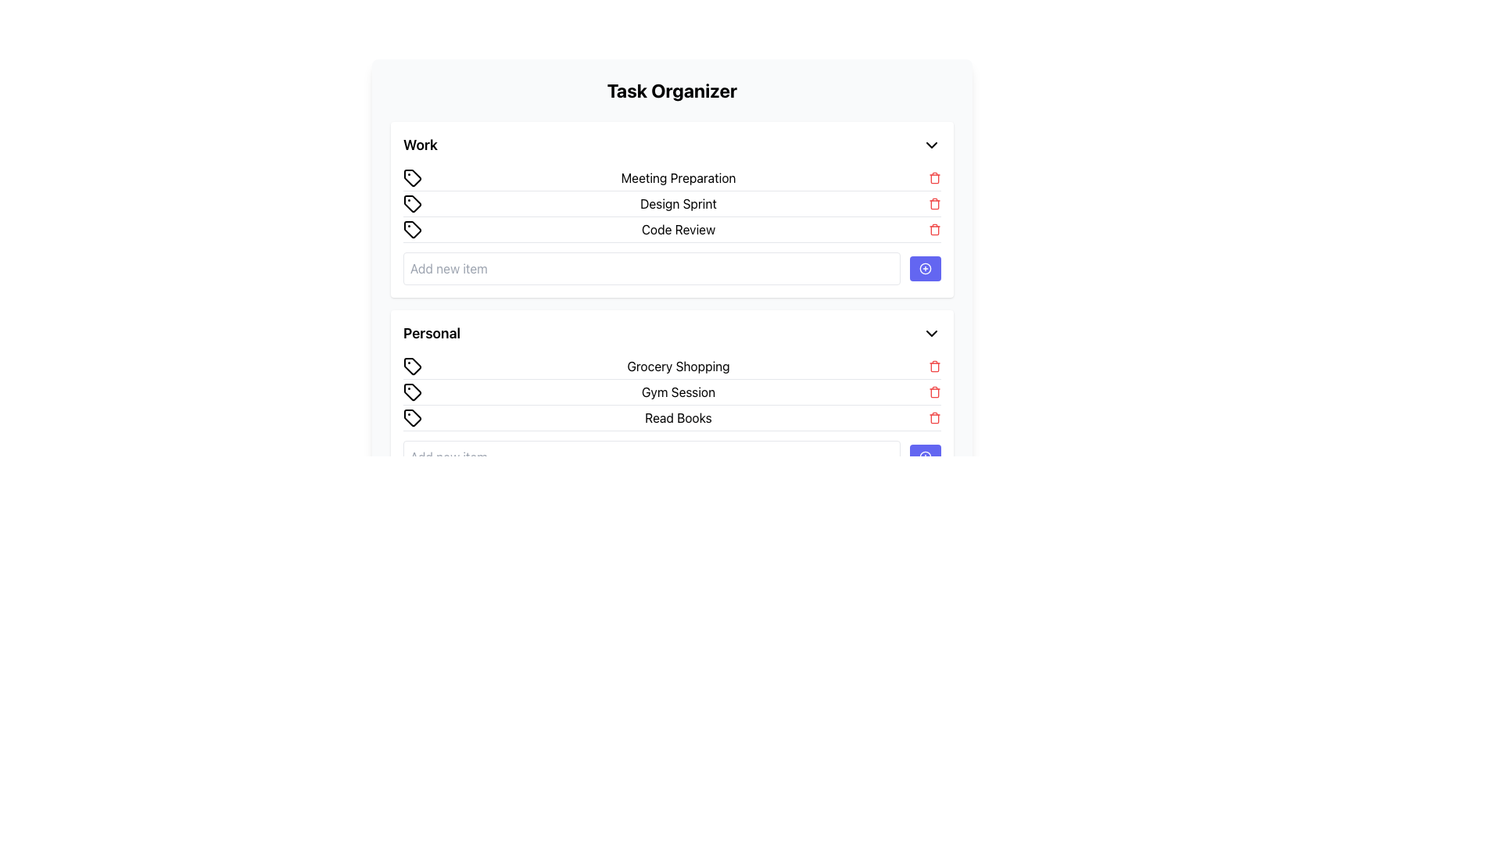 Image resolution: width=1501 pixels, height=844 pixels. I want to click on the 'Code Review' text label, which is styled in black on a white background and located in the third row of tasks under the 'Work' section, so click(679, 229).